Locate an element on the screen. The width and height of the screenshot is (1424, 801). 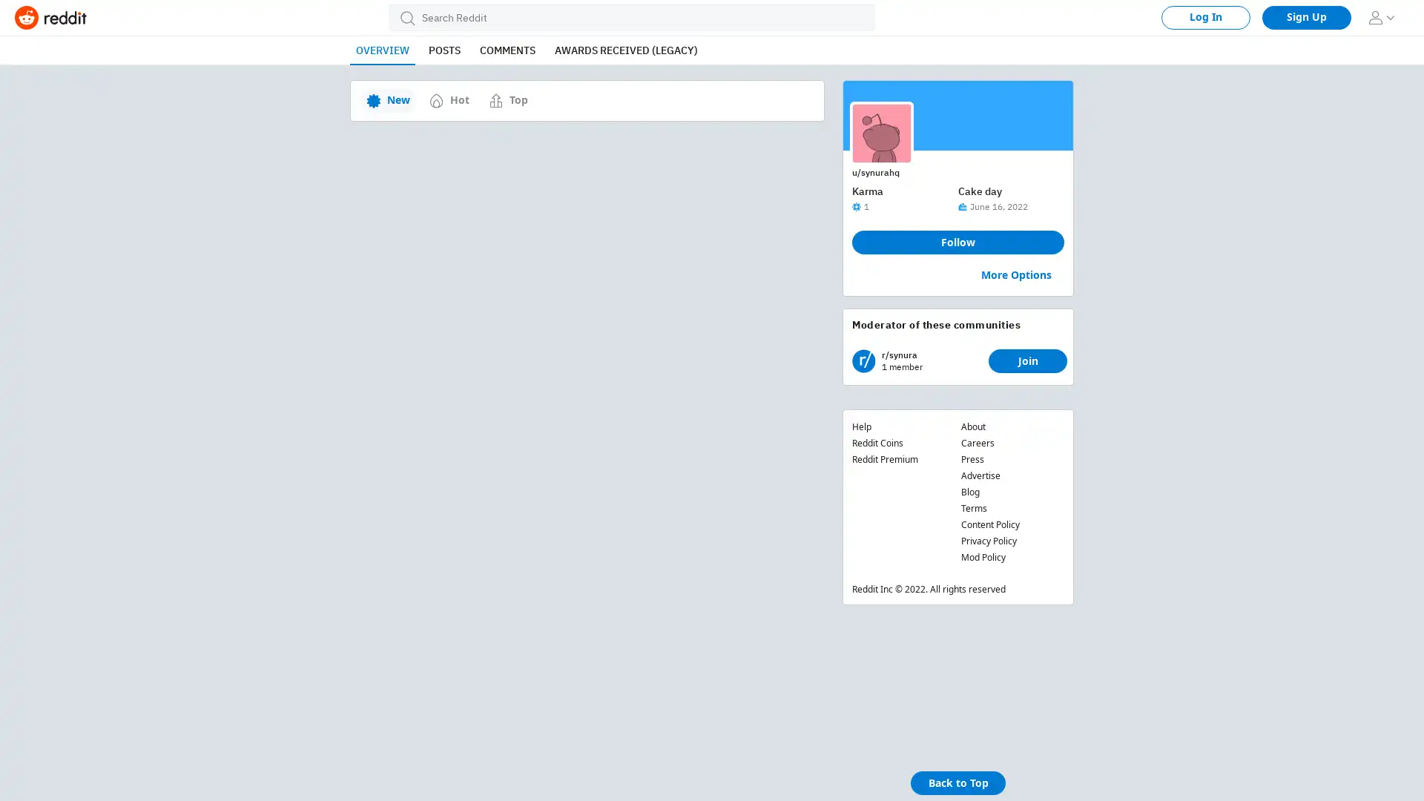
Log In is located at coordinates (1206, 17).